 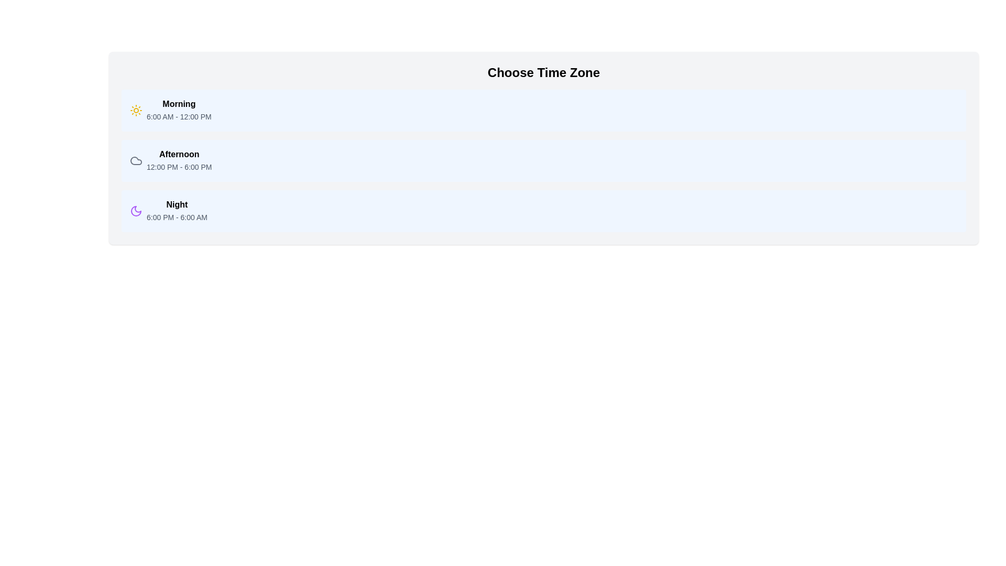 I want to click on the graphical icon depicting partly cloudy weather associated with the 'Afternoon' label, so click(x=135, y=161).